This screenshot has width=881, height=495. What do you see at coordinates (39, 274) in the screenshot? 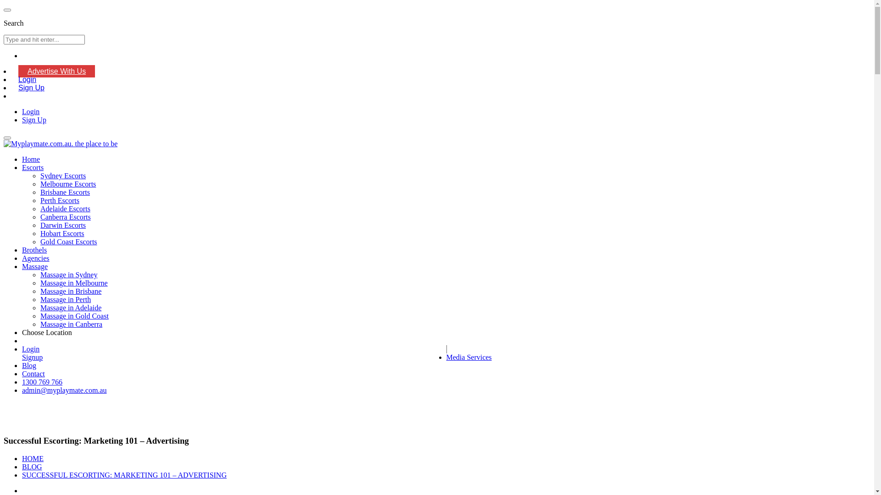
I see `'Massage in Sydney'` at bounding box center [39, 274].